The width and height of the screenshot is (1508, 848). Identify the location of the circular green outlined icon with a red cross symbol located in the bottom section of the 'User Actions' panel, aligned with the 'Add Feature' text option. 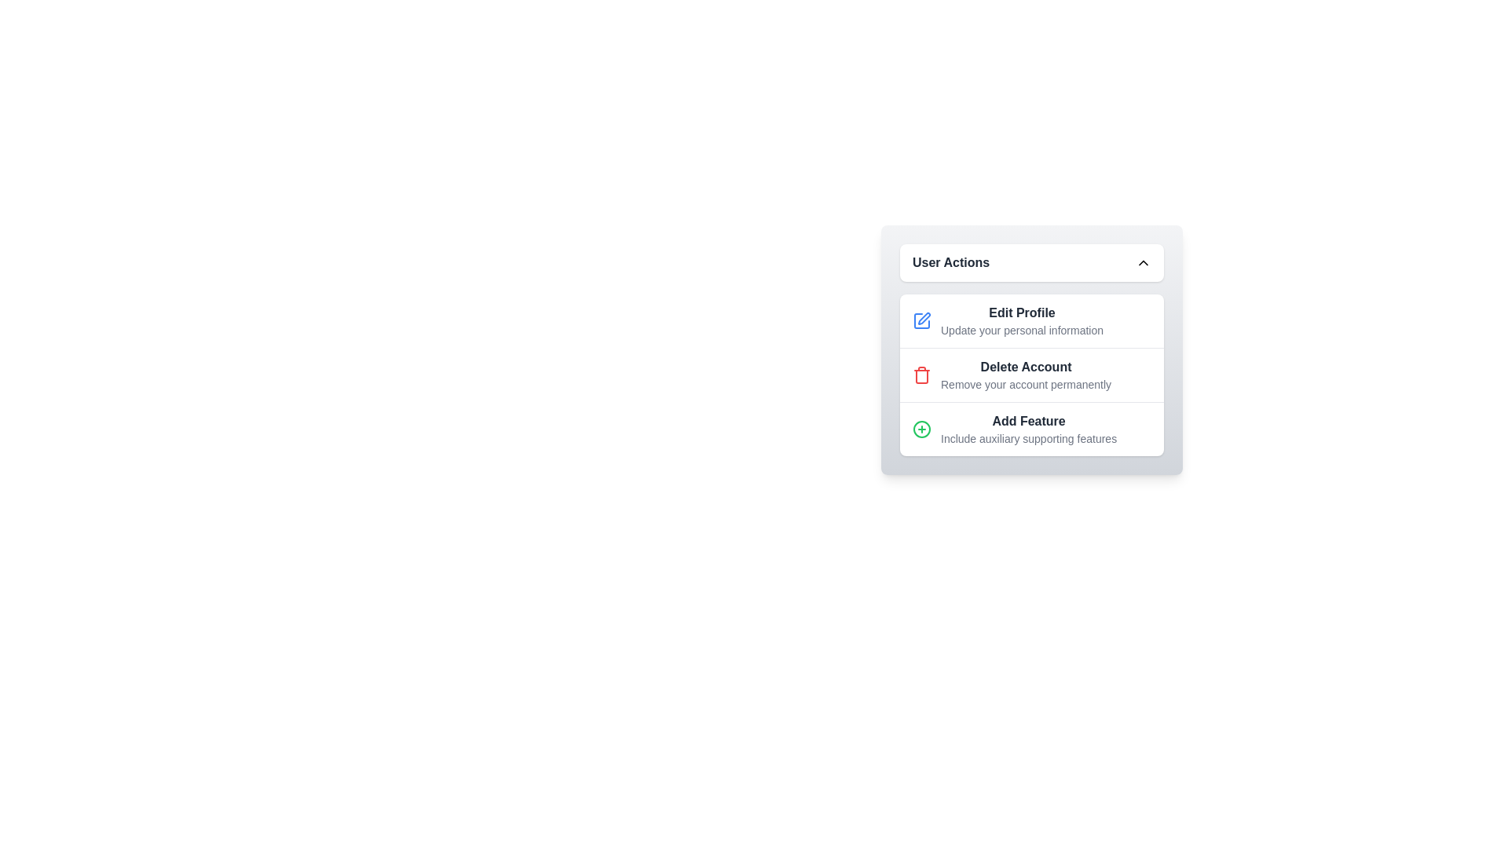
(922, 429).